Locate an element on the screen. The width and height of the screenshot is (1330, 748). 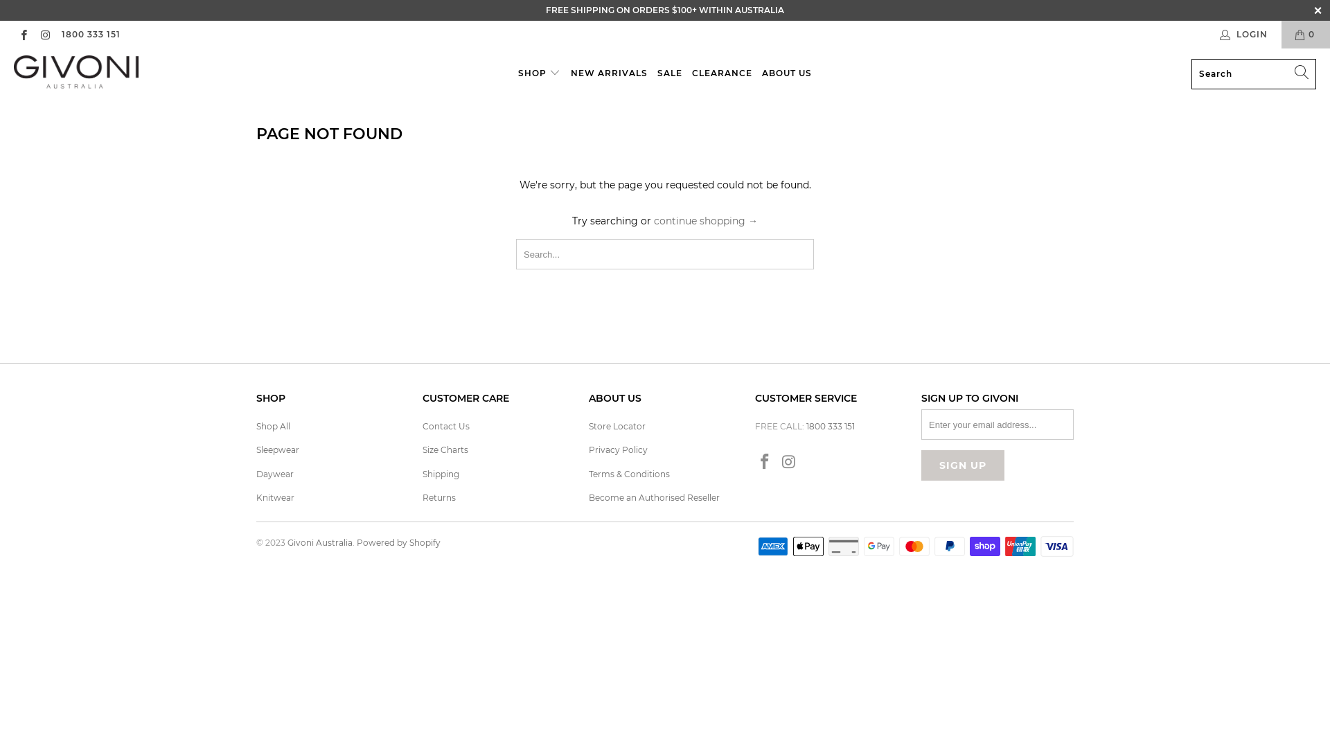
'Givoni Australia on Instagram' is located at coordinates (790, 462).